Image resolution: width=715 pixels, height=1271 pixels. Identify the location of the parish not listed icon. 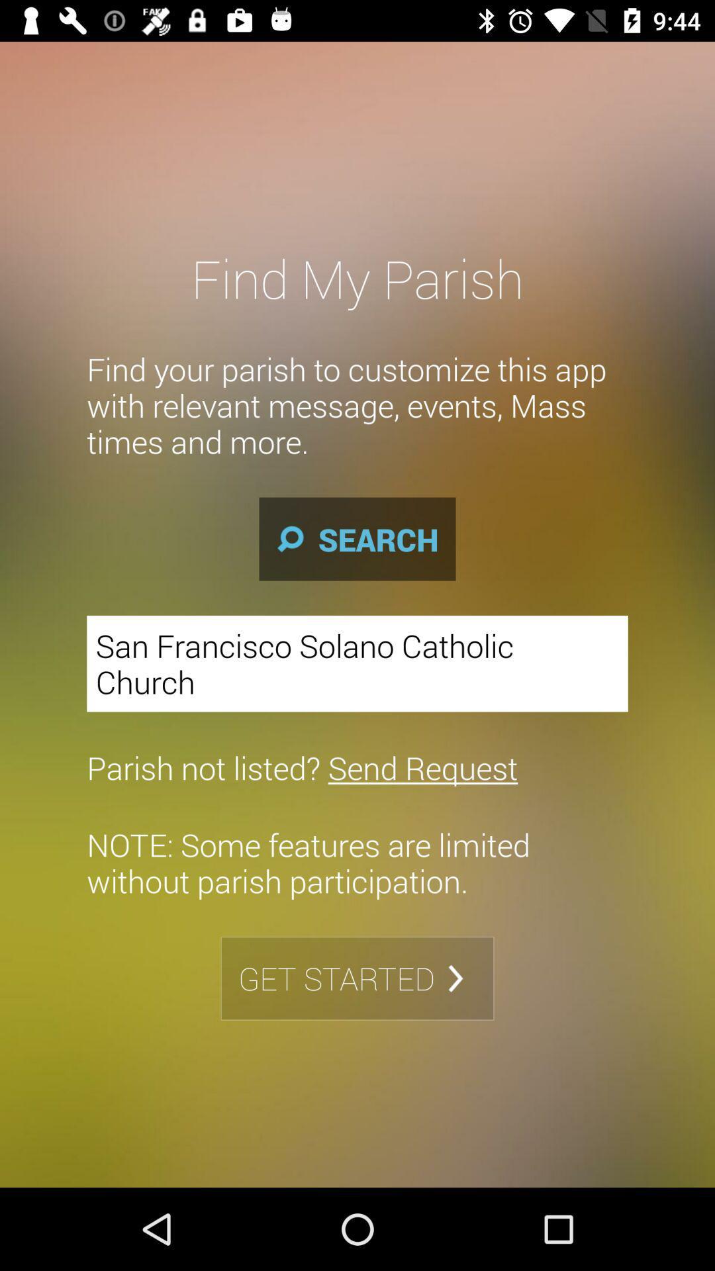
(302, 767).